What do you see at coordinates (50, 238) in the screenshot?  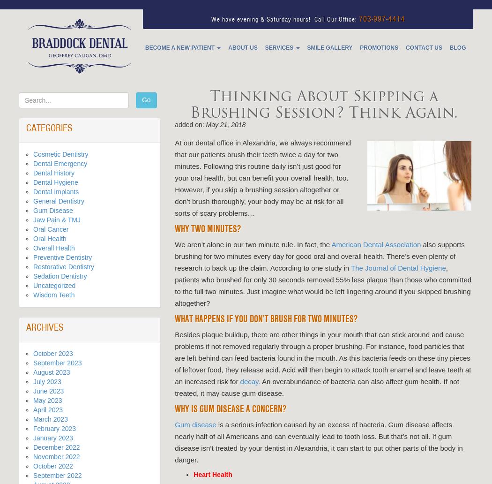 I see `'Oral Health'` at bounding box center [50, 238].